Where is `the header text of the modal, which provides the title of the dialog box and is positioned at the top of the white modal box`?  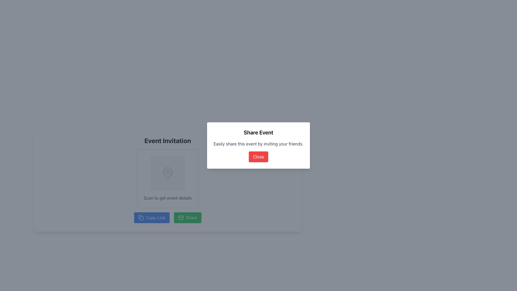 the header text of the modal, which provides the title of the dialog box and is positioned at the top of the white modal box is located at coordinates (258, 133).